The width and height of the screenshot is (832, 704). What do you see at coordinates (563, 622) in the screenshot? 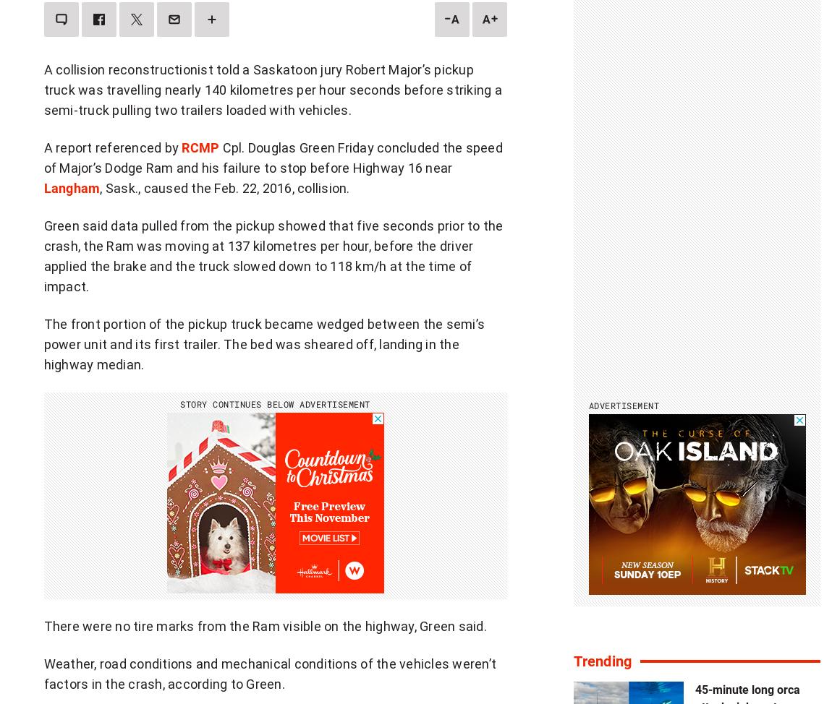
I see `'Smart home'` at bounding box center [563, 622].